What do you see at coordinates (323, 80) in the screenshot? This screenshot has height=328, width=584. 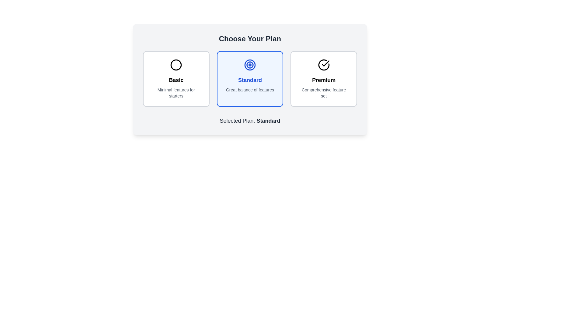 I see `the 'Premium' text label, which is bold and larger in font, located in the center-bottom section of the rightmost box in a three-box layout` at bounding box center [323, 80].